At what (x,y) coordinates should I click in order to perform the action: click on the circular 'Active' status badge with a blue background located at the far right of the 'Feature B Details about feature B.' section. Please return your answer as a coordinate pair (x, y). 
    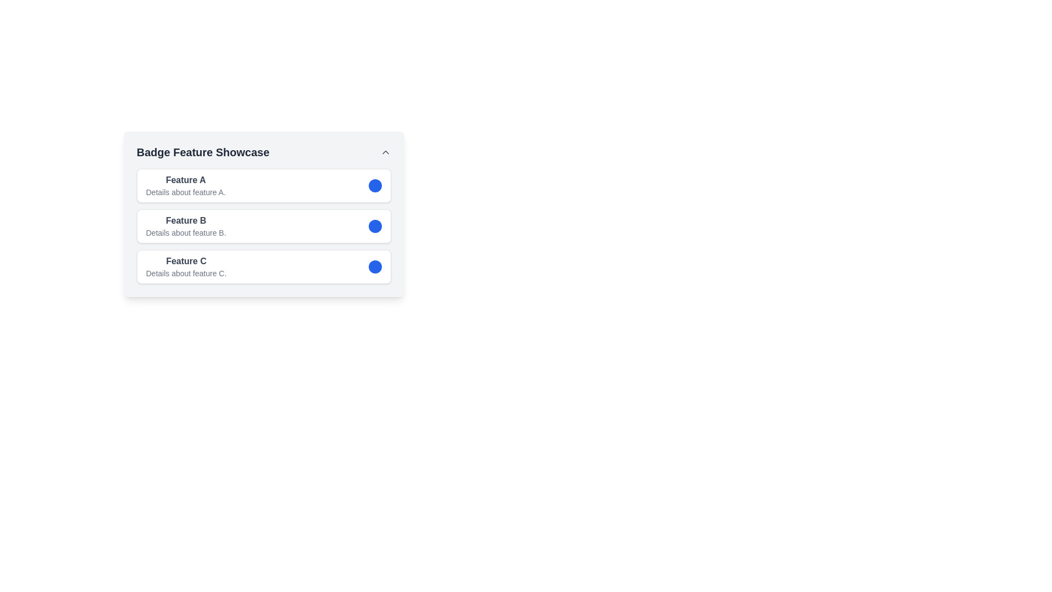
    Looking at the image, I should click on (375, 225).